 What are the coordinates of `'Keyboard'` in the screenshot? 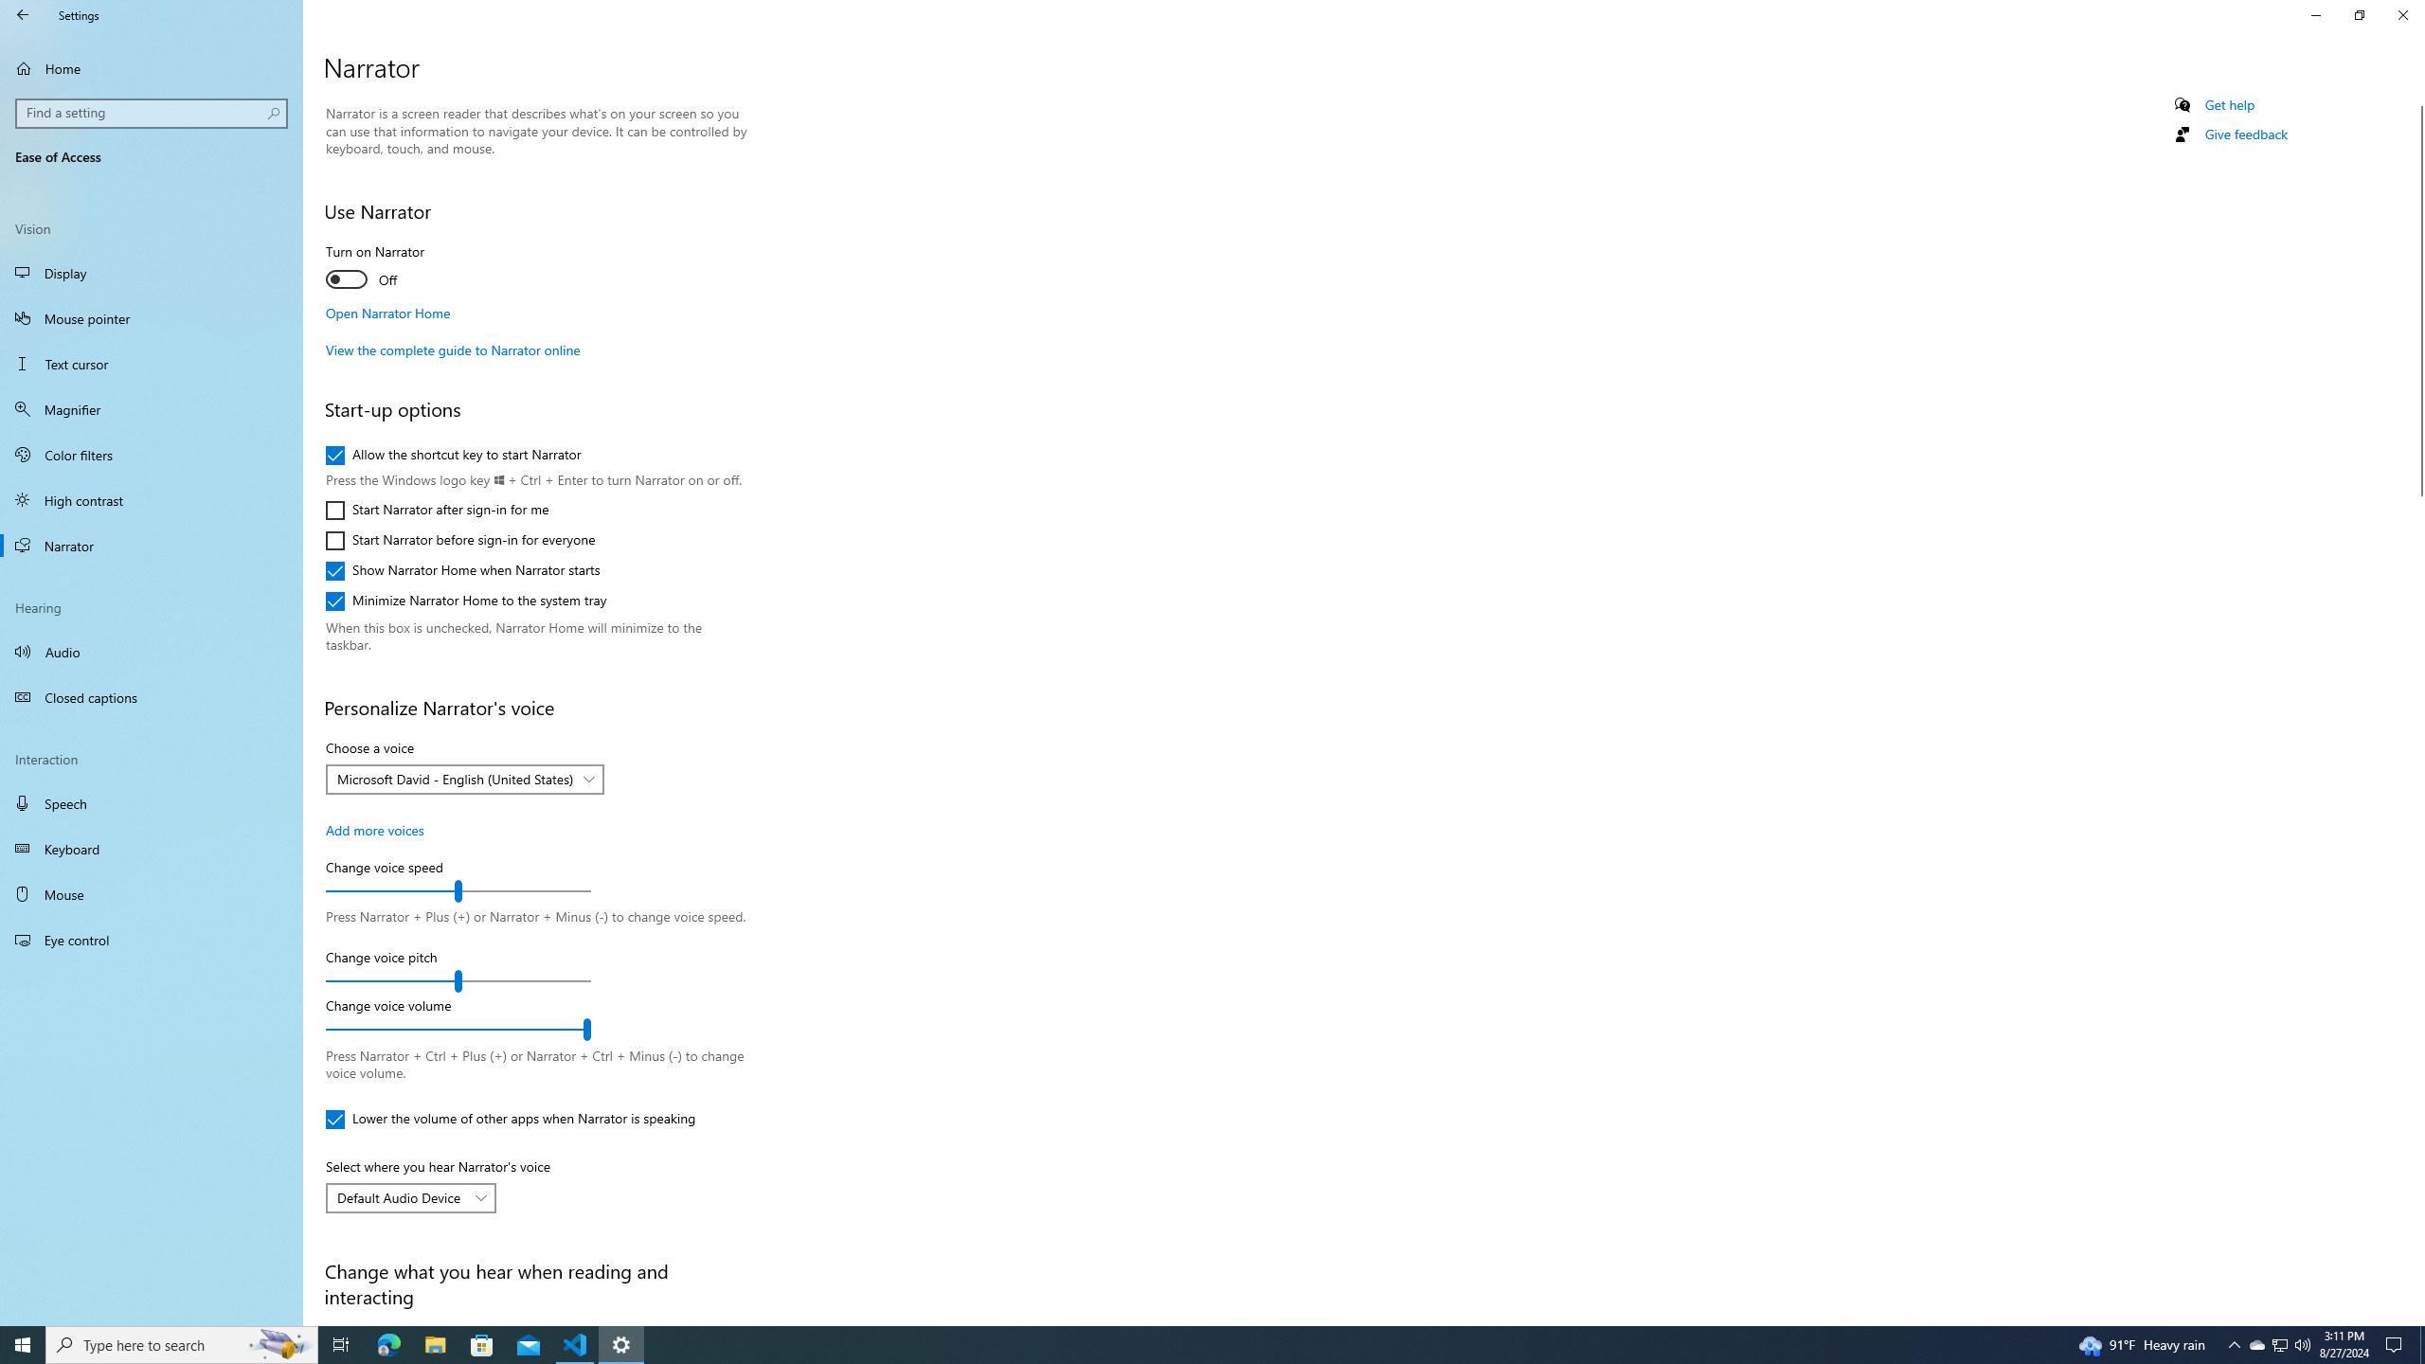 It's located at (151, 849).